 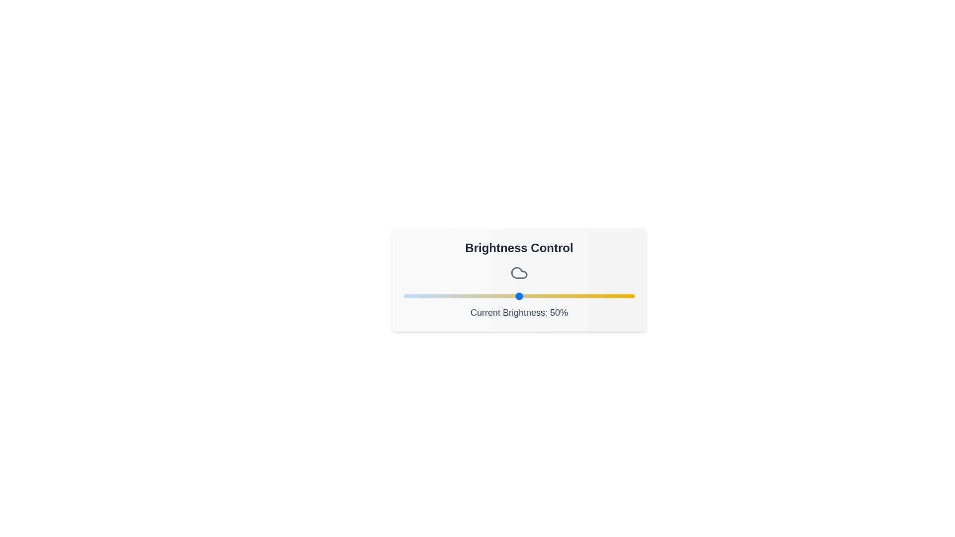 I want to click on the brightness level to 17% by interacting with the slider, so click(x=442, y=296).